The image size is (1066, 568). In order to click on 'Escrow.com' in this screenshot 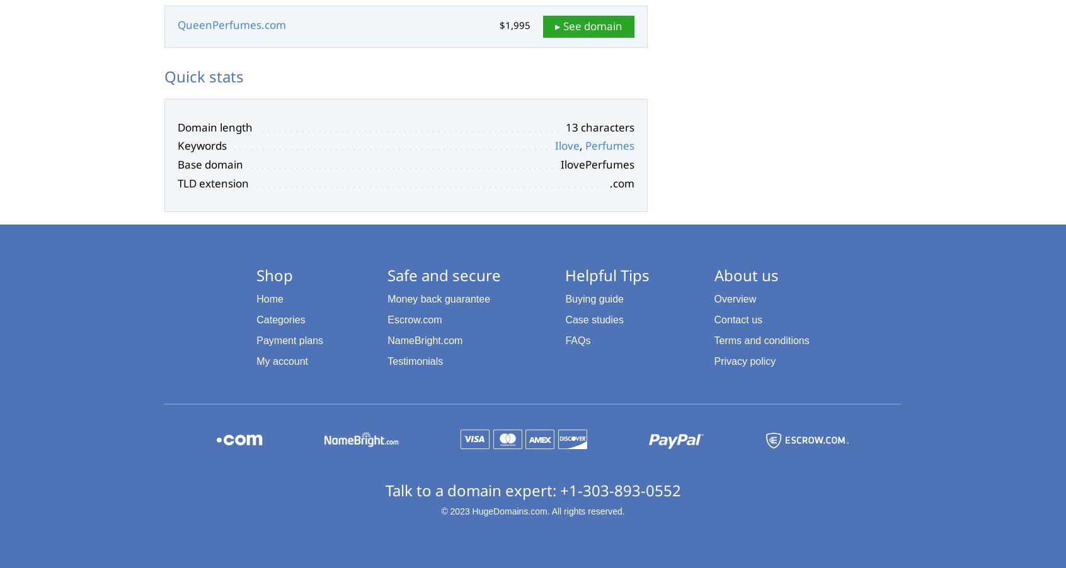, I will do `click(415, 320)`.